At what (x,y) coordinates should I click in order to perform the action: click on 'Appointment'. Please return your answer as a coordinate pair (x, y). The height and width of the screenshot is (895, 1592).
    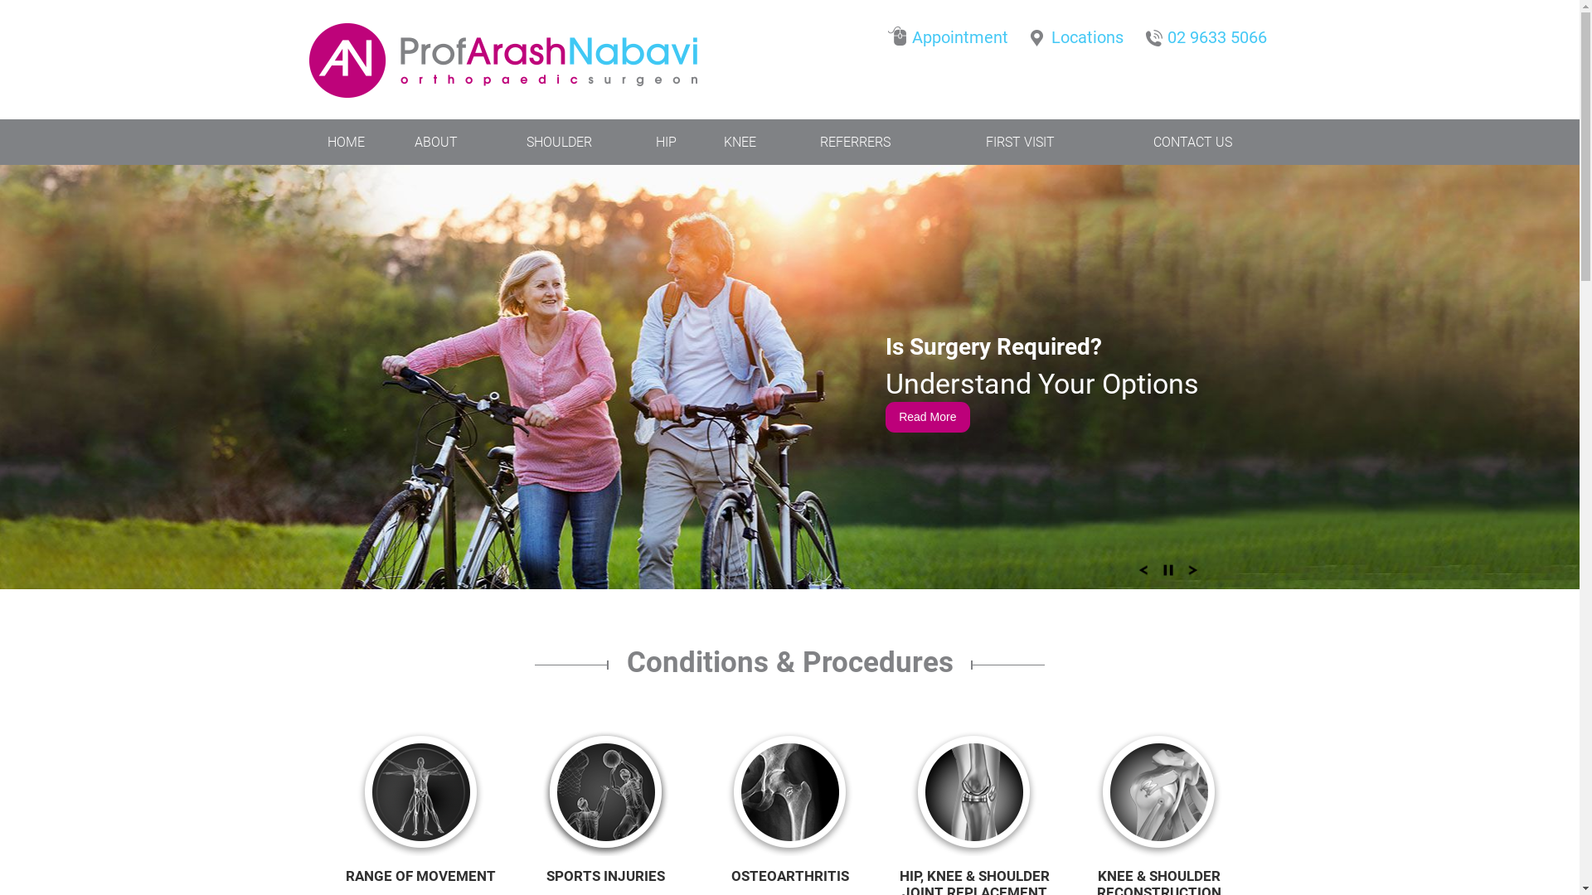
    Looking at the image, I should click on (951, 32).